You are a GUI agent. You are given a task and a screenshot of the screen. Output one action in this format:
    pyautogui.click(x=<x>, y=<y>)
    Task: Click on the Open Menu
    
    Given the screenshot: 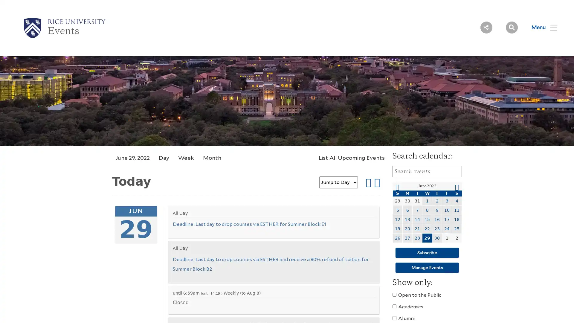 What is the action you would take?
    pyautogui.click(x=541, y=27)
    